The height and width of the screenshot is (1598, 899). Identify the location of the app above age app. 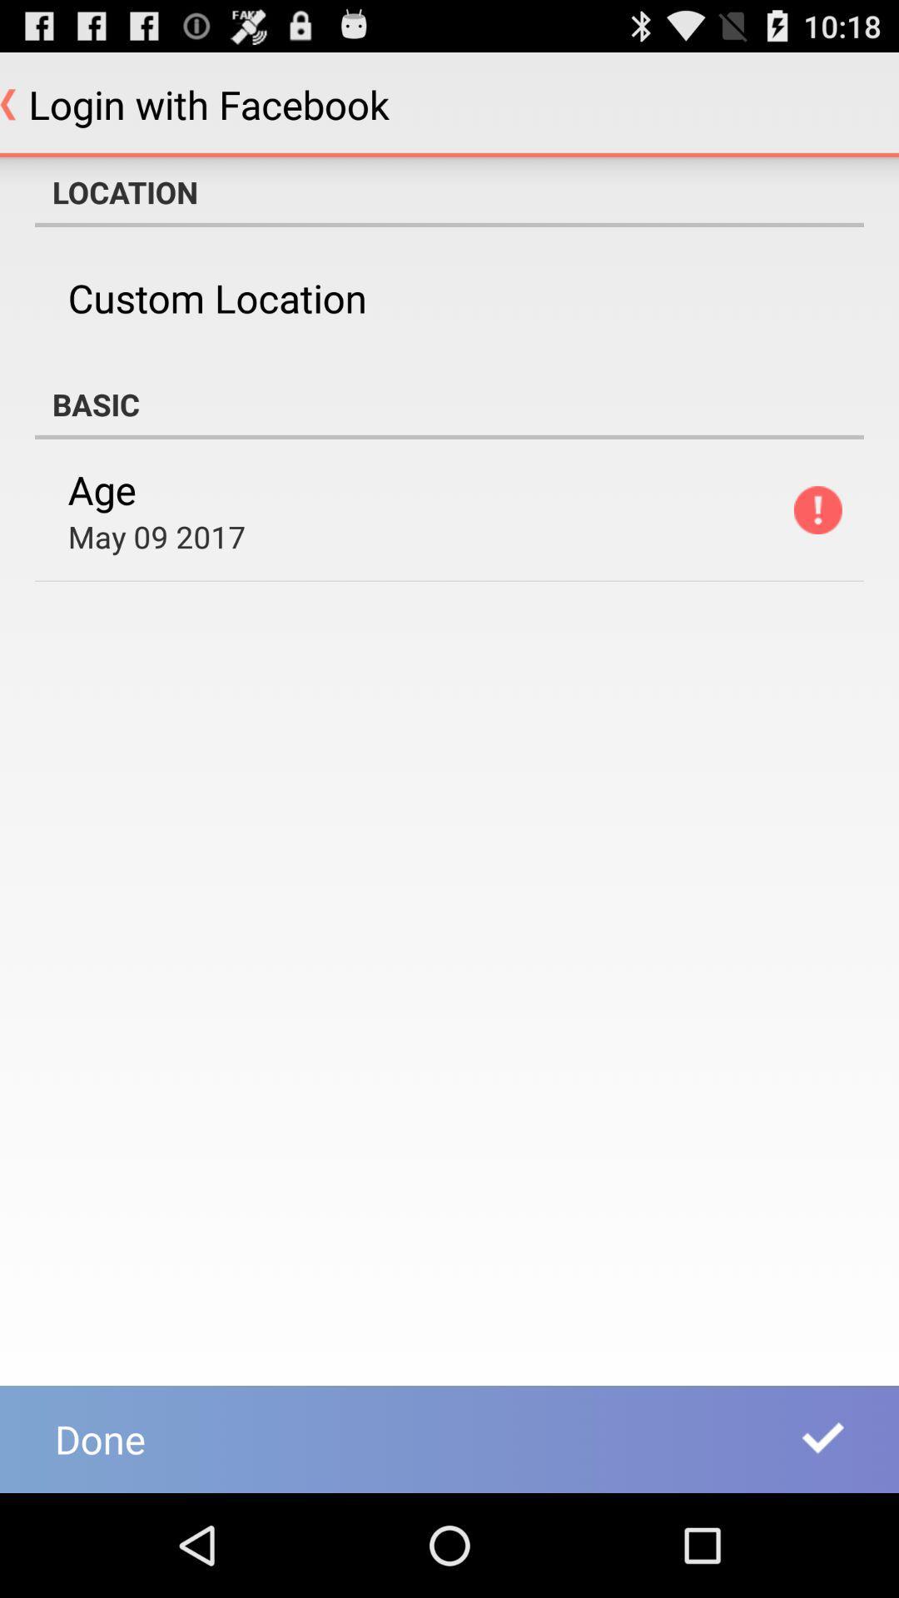
(449, 404).